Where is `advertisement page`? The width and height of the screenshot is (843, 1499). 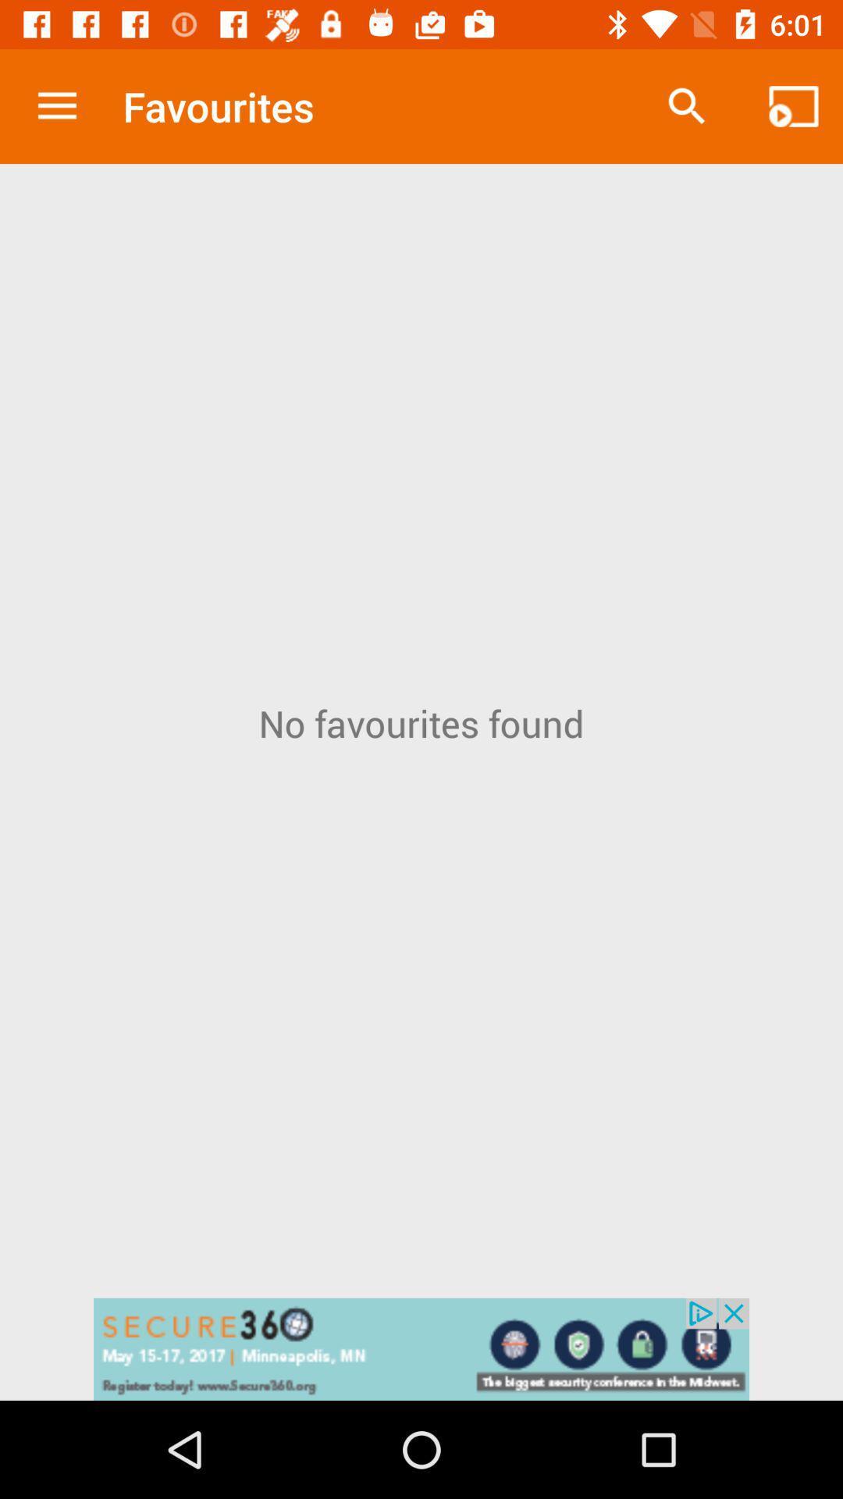 advertisement page is located at coordinates (421, 1348).